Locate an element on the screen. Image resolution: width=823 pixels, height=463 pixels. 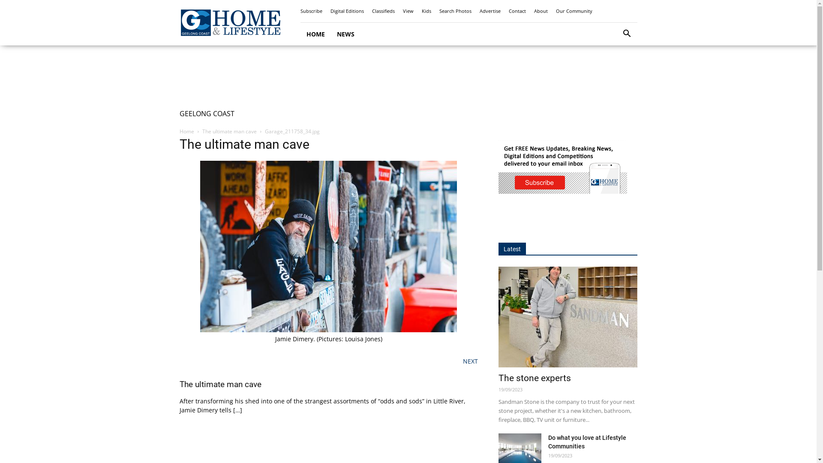
'Our Community' is located at coordinates (574, 11).